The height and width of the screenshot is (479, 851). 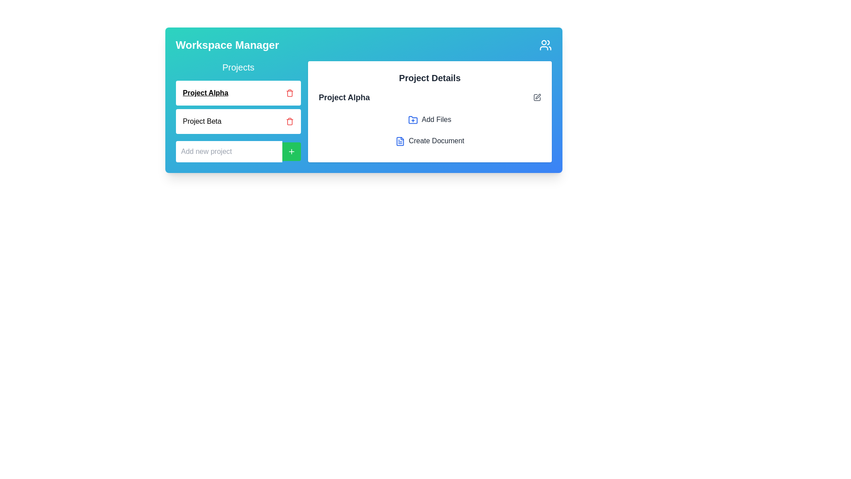 What do you see at coordinates (413, 120) in the screenshot?
I see `the 'Add Files' icon located to the left of the text 'Add Files' in the 'Project Details' section` at bounding box center [413, 120].